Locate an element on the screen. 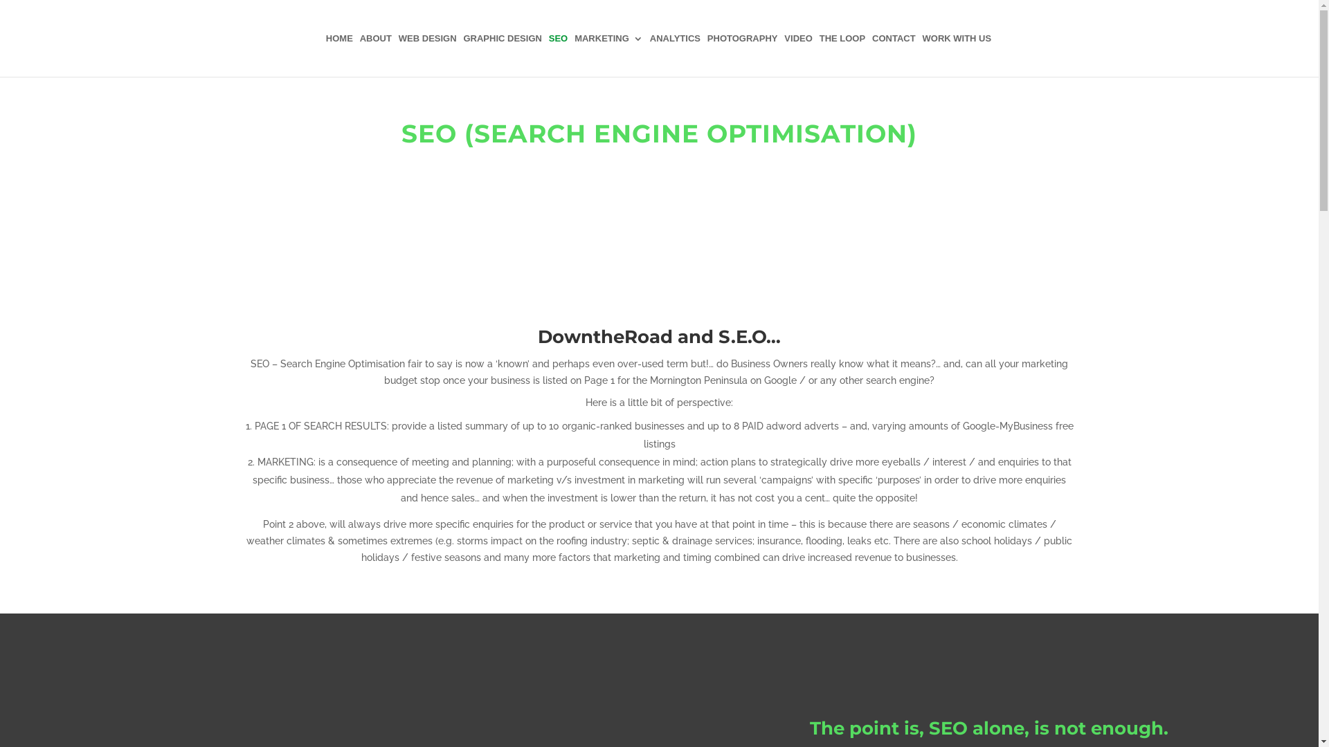 This screenshot has width=1329, height=747. 'SEO' is located at coordinates (548, 55).